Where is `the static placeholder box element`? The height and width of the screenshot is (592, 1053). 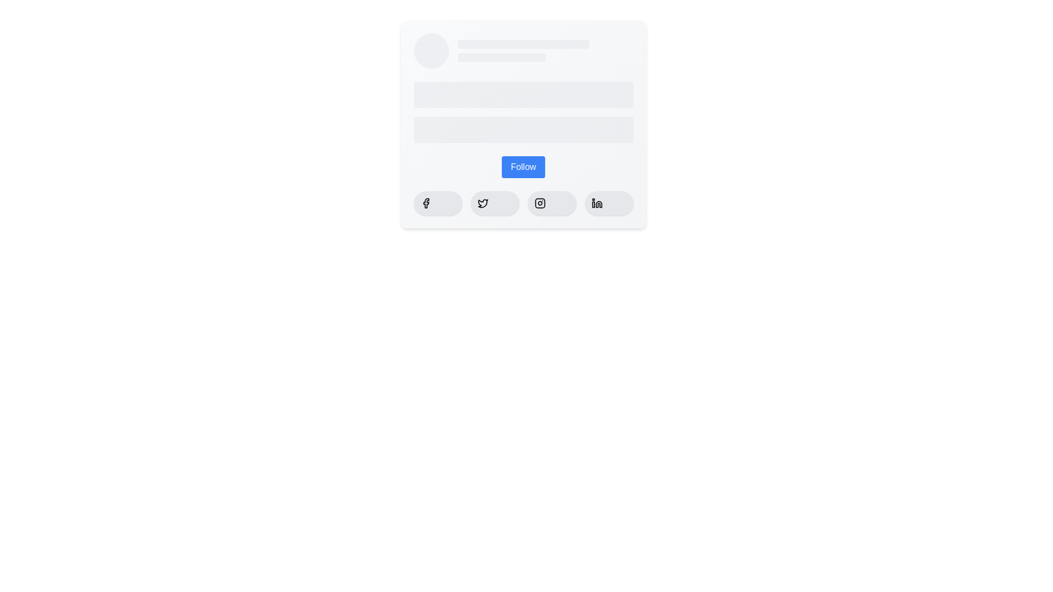
the static placeholder box element is located at coordinates (523, 44).